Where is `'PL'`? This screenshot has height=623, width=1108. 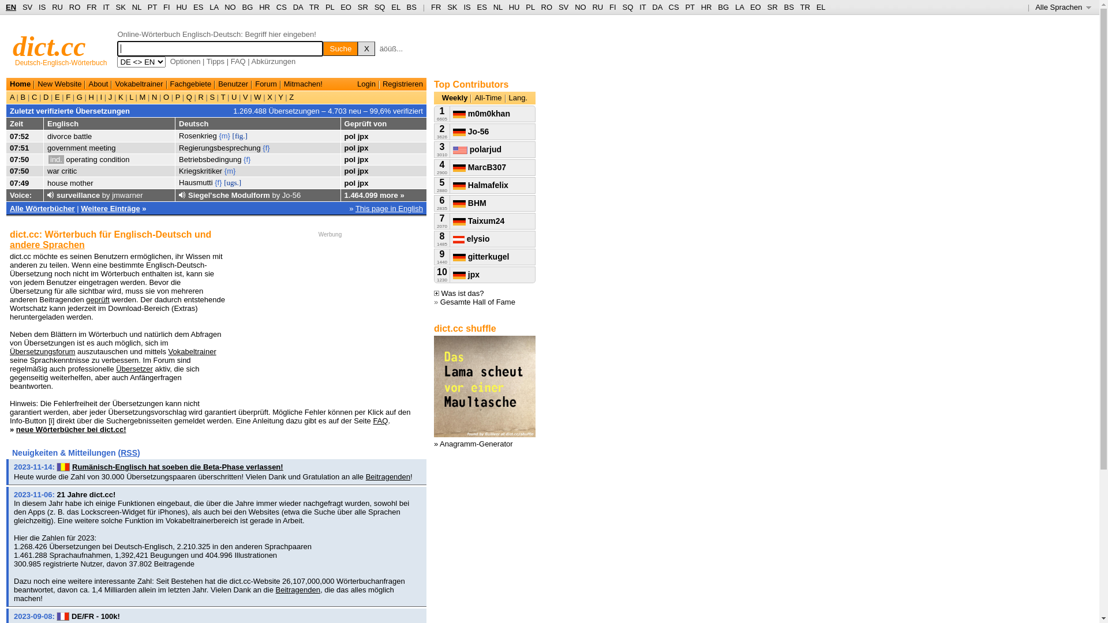
'PL' is located at coordinates (329, 7).